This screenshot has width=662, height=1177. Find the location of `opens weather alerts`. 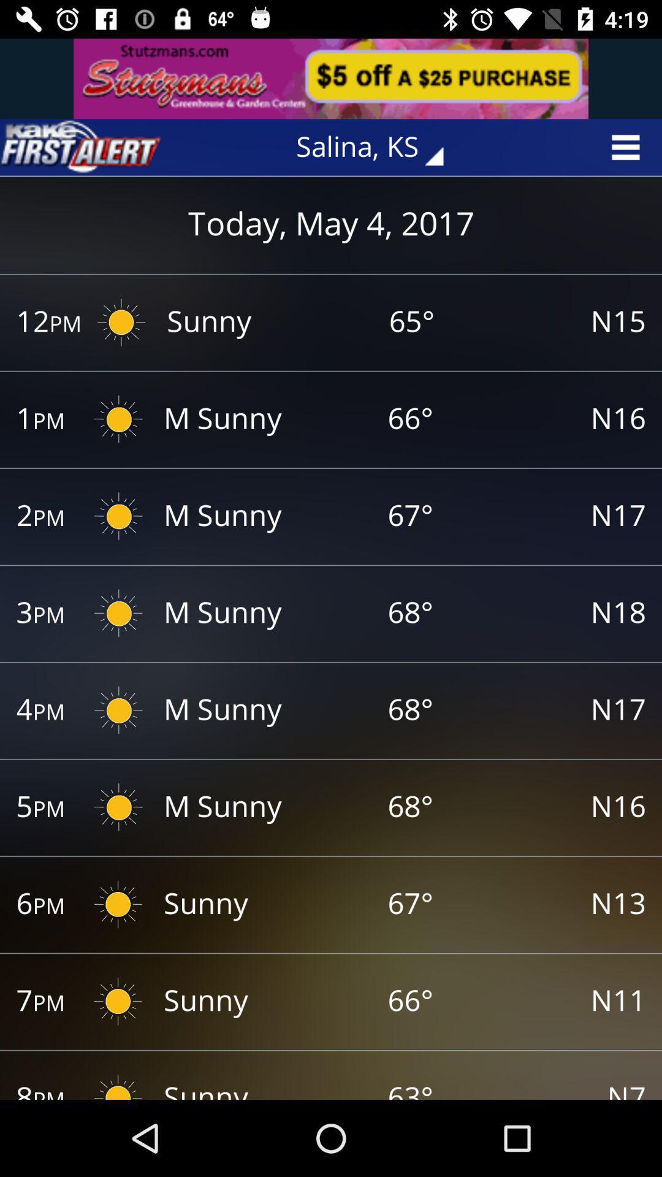

opens weather alerts is located at coordinates (80, 147).